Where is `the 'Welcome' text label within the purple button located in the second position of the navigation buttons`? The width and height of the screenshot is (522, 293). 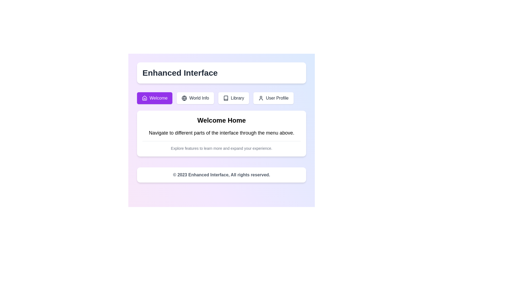
the 'Welcome' text label within the purple button located in the second position of the navigation buttons is located at coordinates (158, 98).